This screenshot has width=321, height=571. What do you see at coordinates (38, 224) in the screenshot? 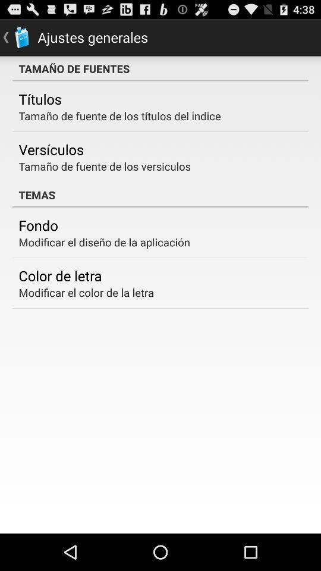
I see `icon below the temas icon` at bounding box center [38, 224].